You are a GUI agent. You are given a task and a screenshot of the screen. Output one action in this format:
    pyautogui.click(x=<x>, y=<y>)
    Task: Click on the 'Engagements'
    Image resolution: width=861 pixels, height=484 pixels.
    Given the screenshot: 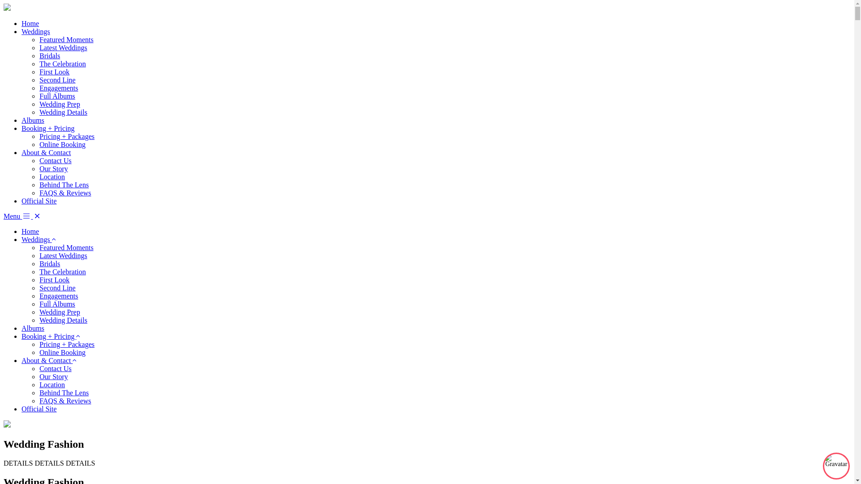 What is the action you would take?
    pyautogui.click(x=39, y=296)
    